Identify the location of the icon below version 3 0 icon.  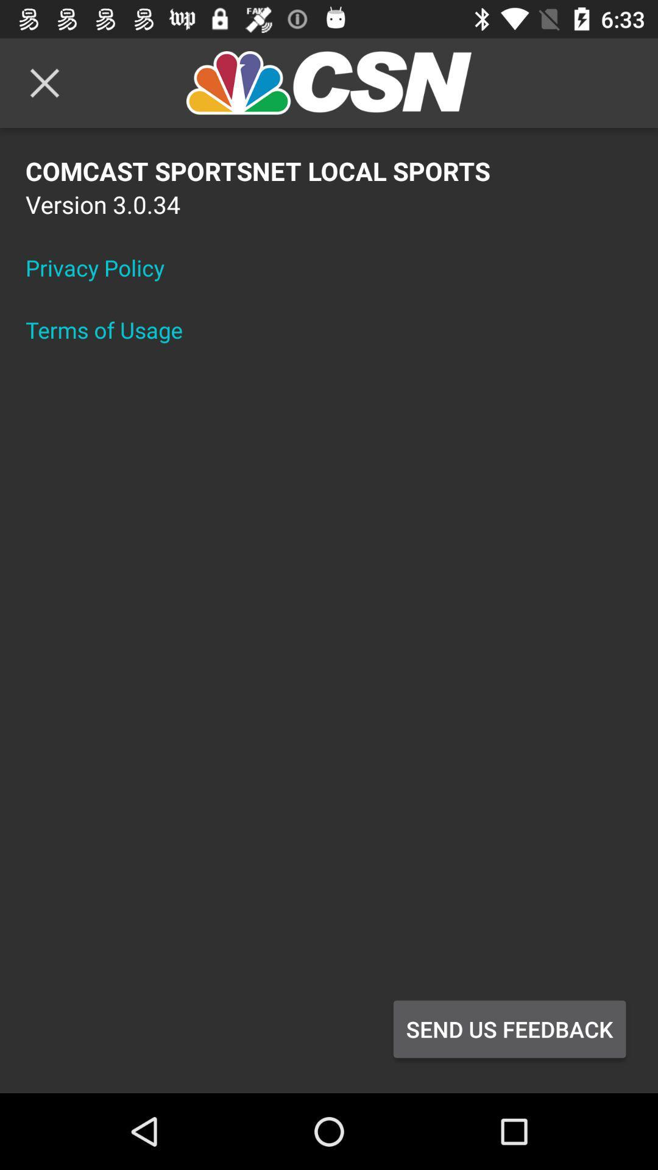
(102, 267).